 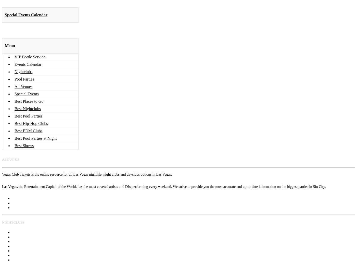 I want to click on 'Best Places to Go', so click(x=14, y=101).